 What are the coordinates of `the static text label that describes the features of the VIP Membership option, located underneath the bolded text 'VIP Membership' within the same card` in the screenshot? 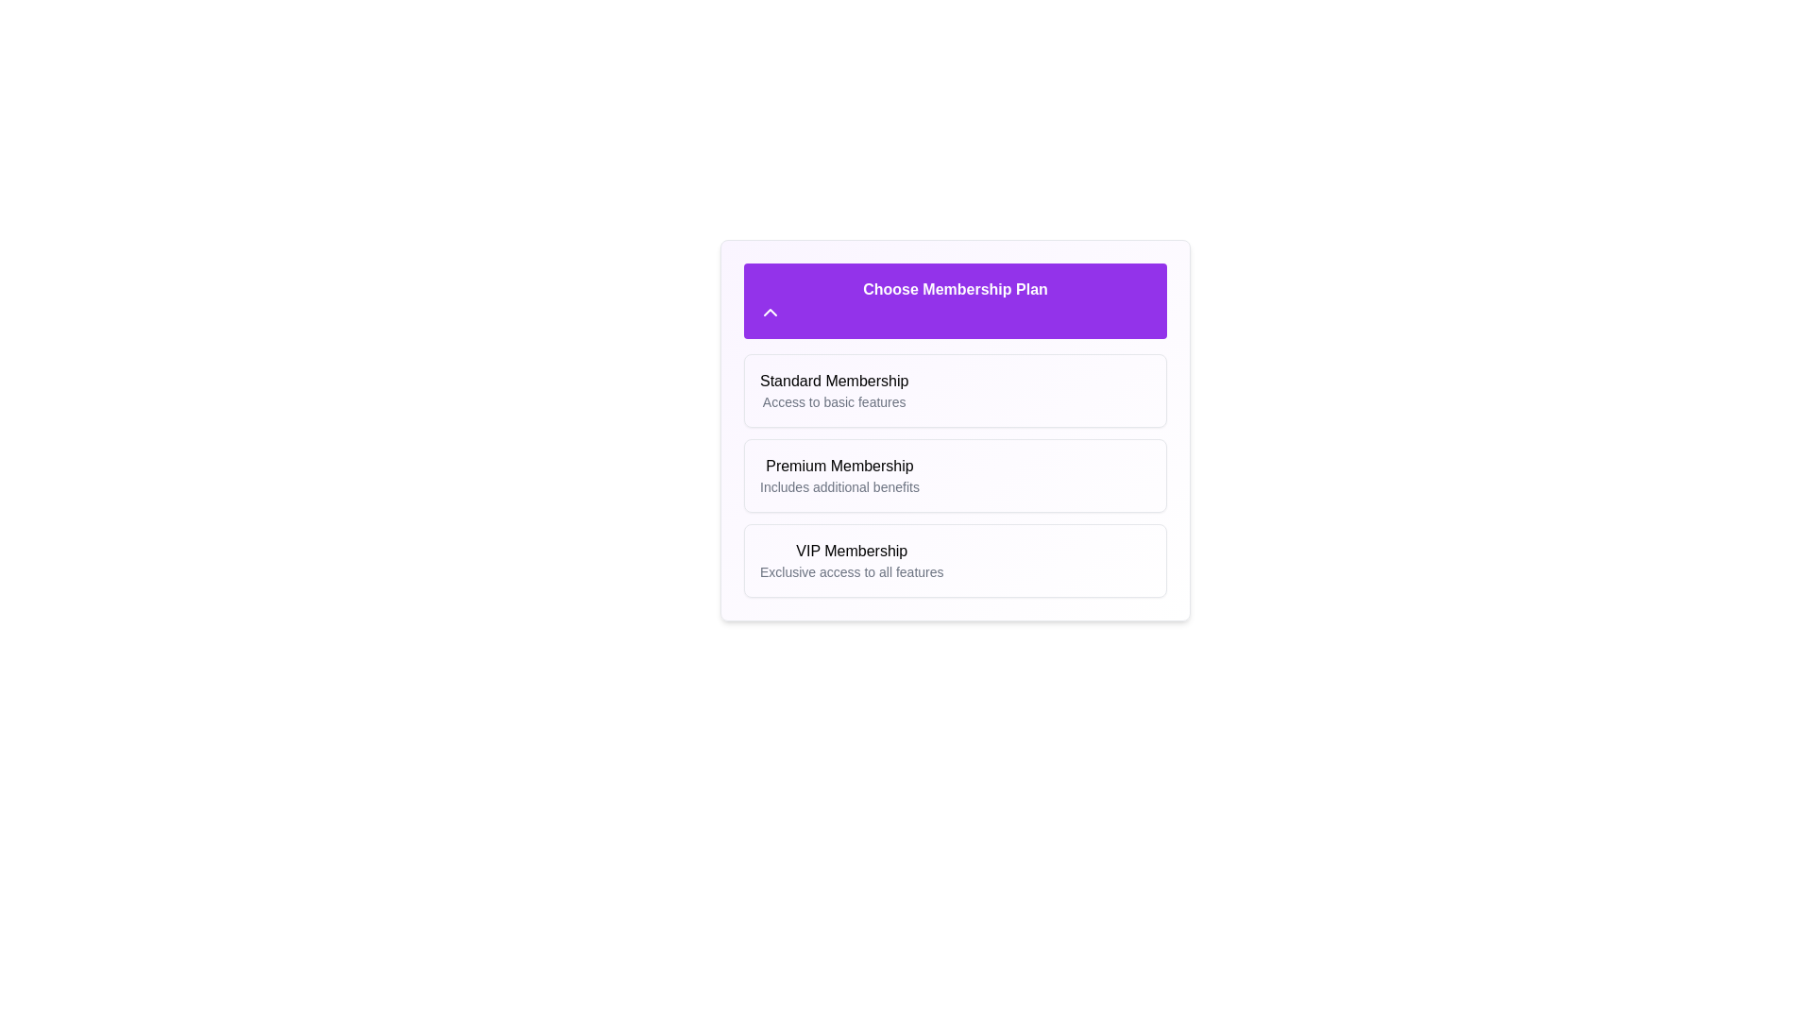 It's located at (851, 570).